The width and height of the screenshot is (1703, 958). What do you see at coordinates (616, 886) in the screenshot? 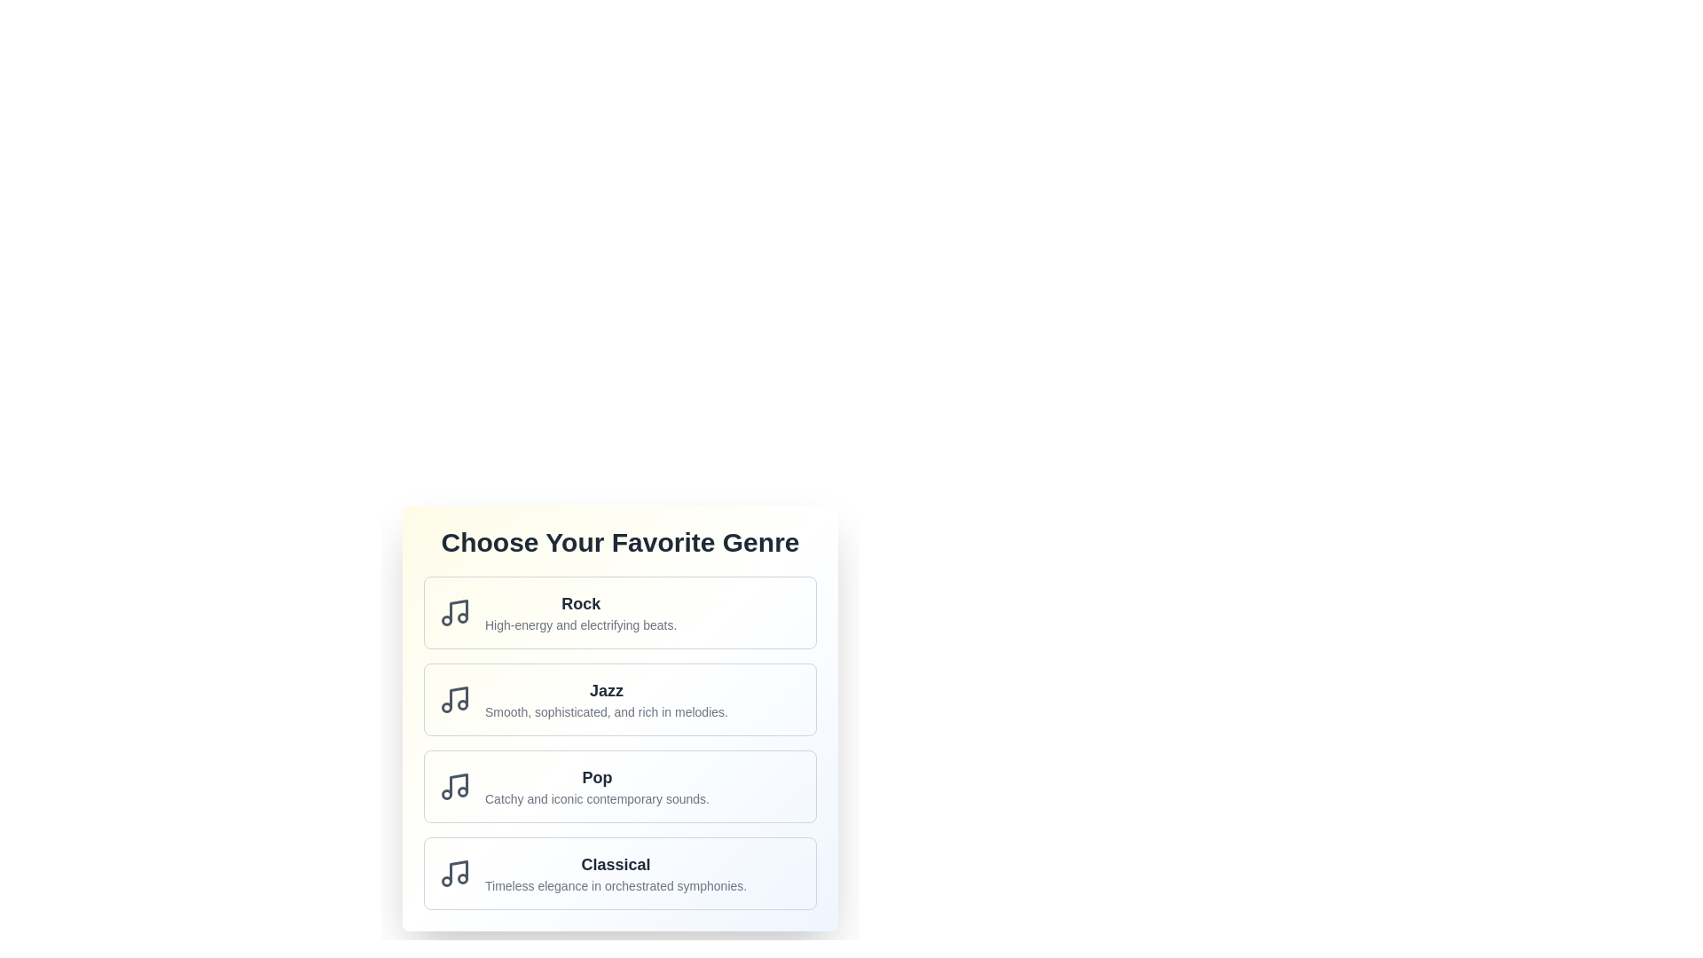
I see `the descriptive text element located directly below the 'Classical' header text in the Classical music genre card` at bounding box center [616, 886].